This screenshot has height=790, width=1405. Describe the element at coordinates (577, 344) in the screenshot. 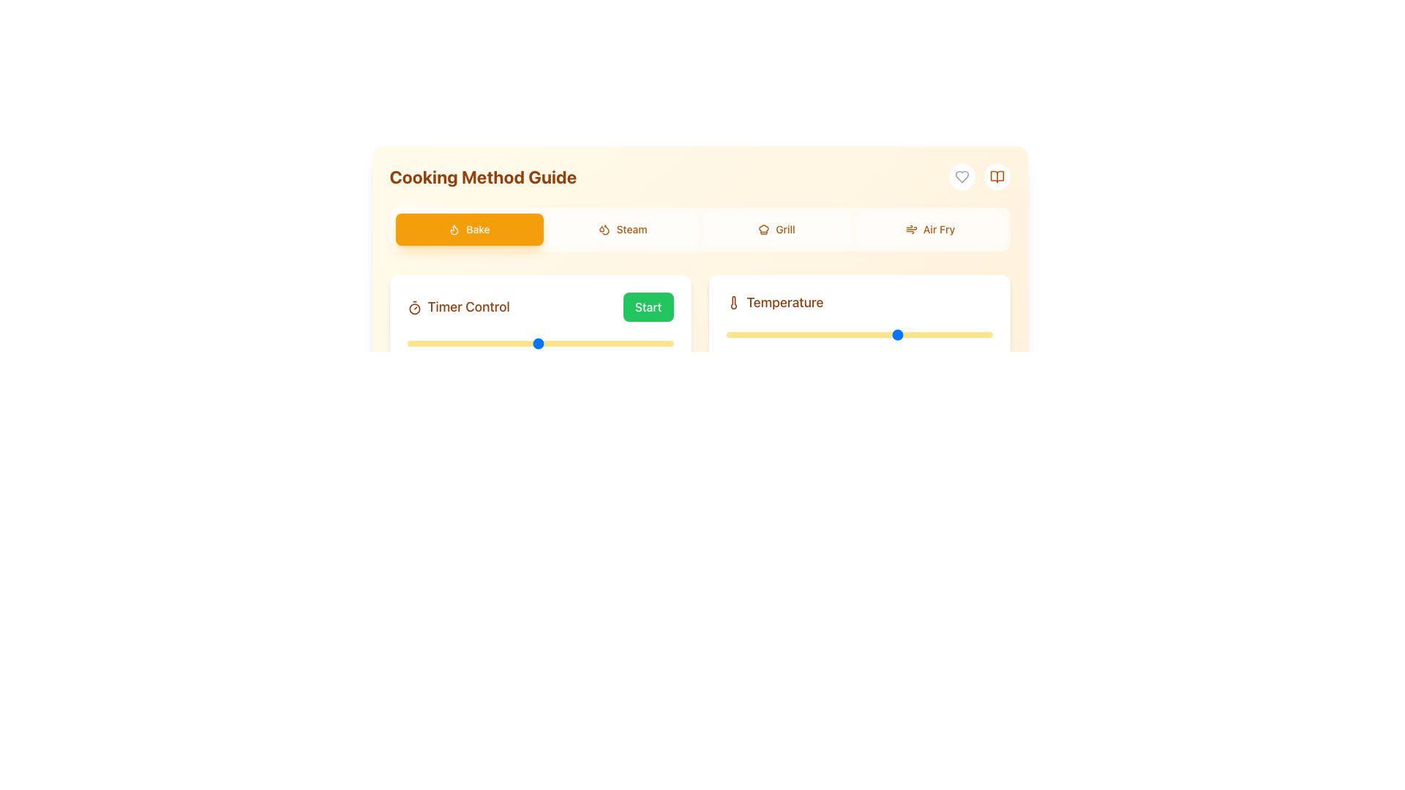

I see `the timer slider` at that location.